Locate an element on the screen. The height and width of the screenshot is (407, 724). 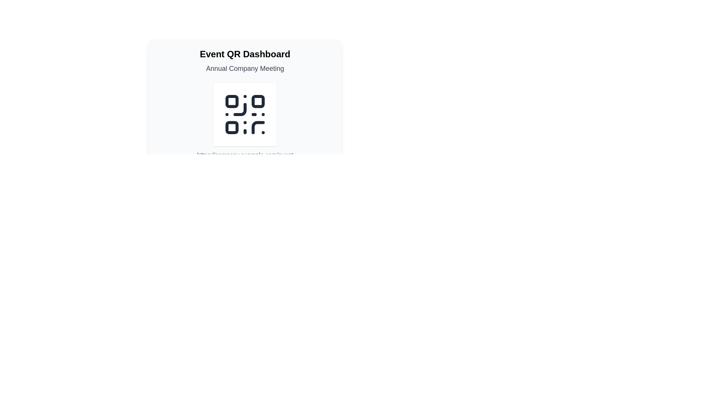
the text block reading 'Annual Company Meeting' located below the 'Event QR Dashboard' heading for information is located at coordinates (245, 68).